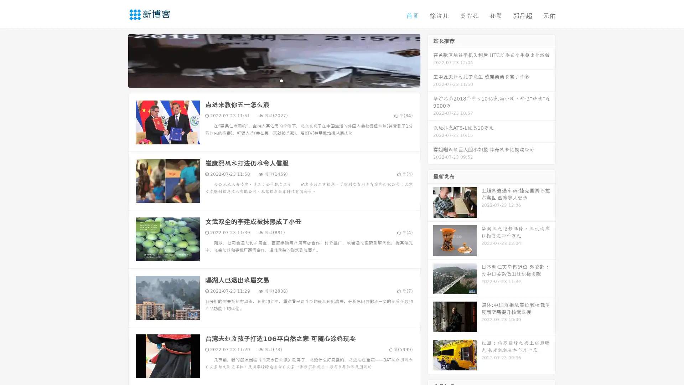  What do you see at coordinates (430, 60) in the screenshot?
I see `Next slide` at bounding box center [430, 60].